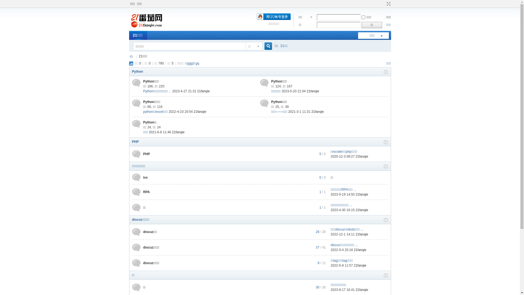  Describe the element at coordinates (203, 91) in the screenshot. I see `'21fanqie'` at that location.